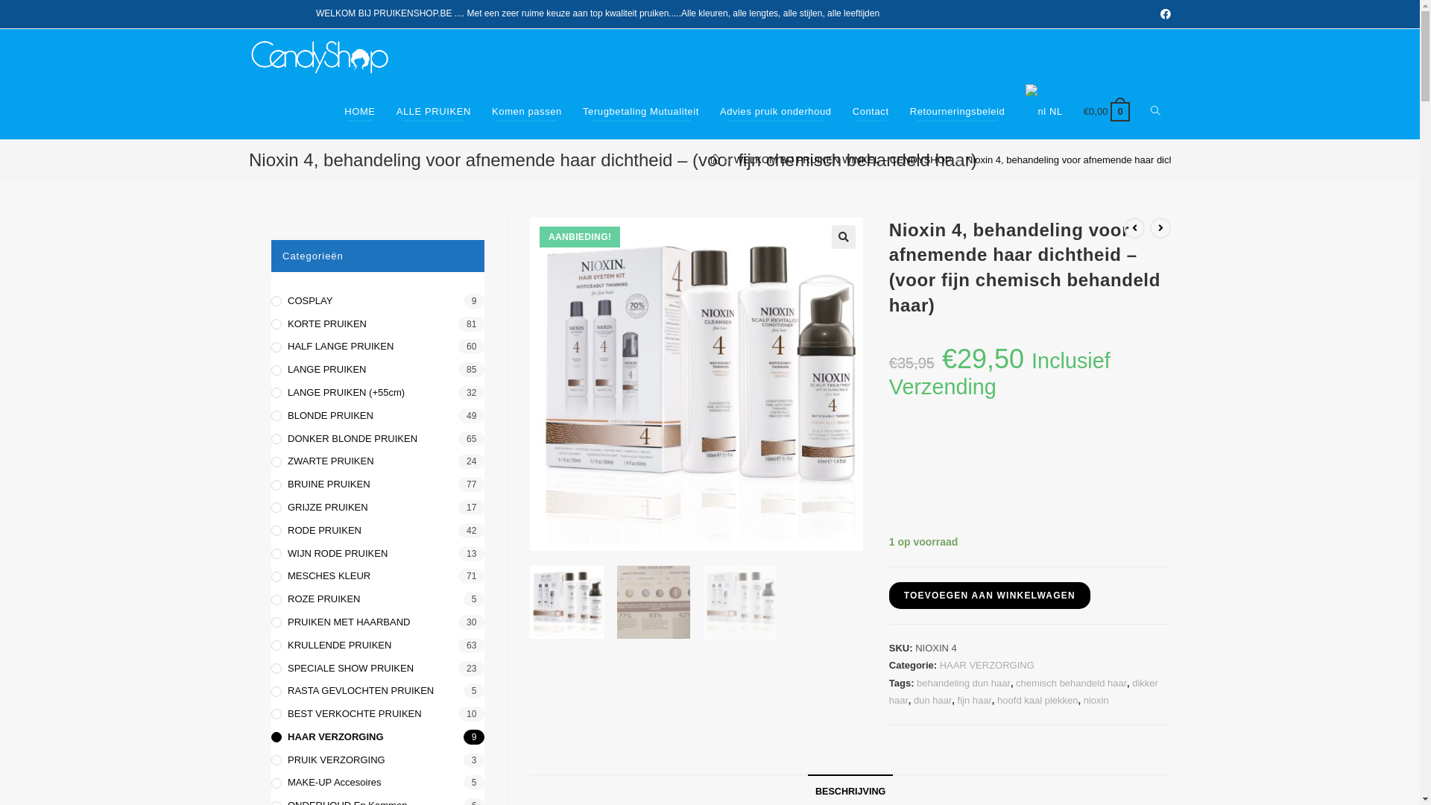 Image resolution: width=1431 pixels, height=805 pixels. I want to click on 'dikker haar', so click(889, 692).